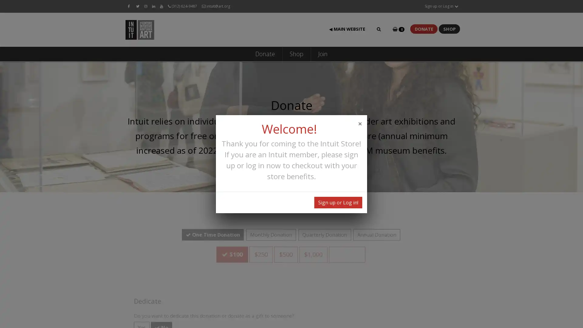 This screenshot has width=583, height=328. I want to click on Credit / Debit, so click(364, 282).